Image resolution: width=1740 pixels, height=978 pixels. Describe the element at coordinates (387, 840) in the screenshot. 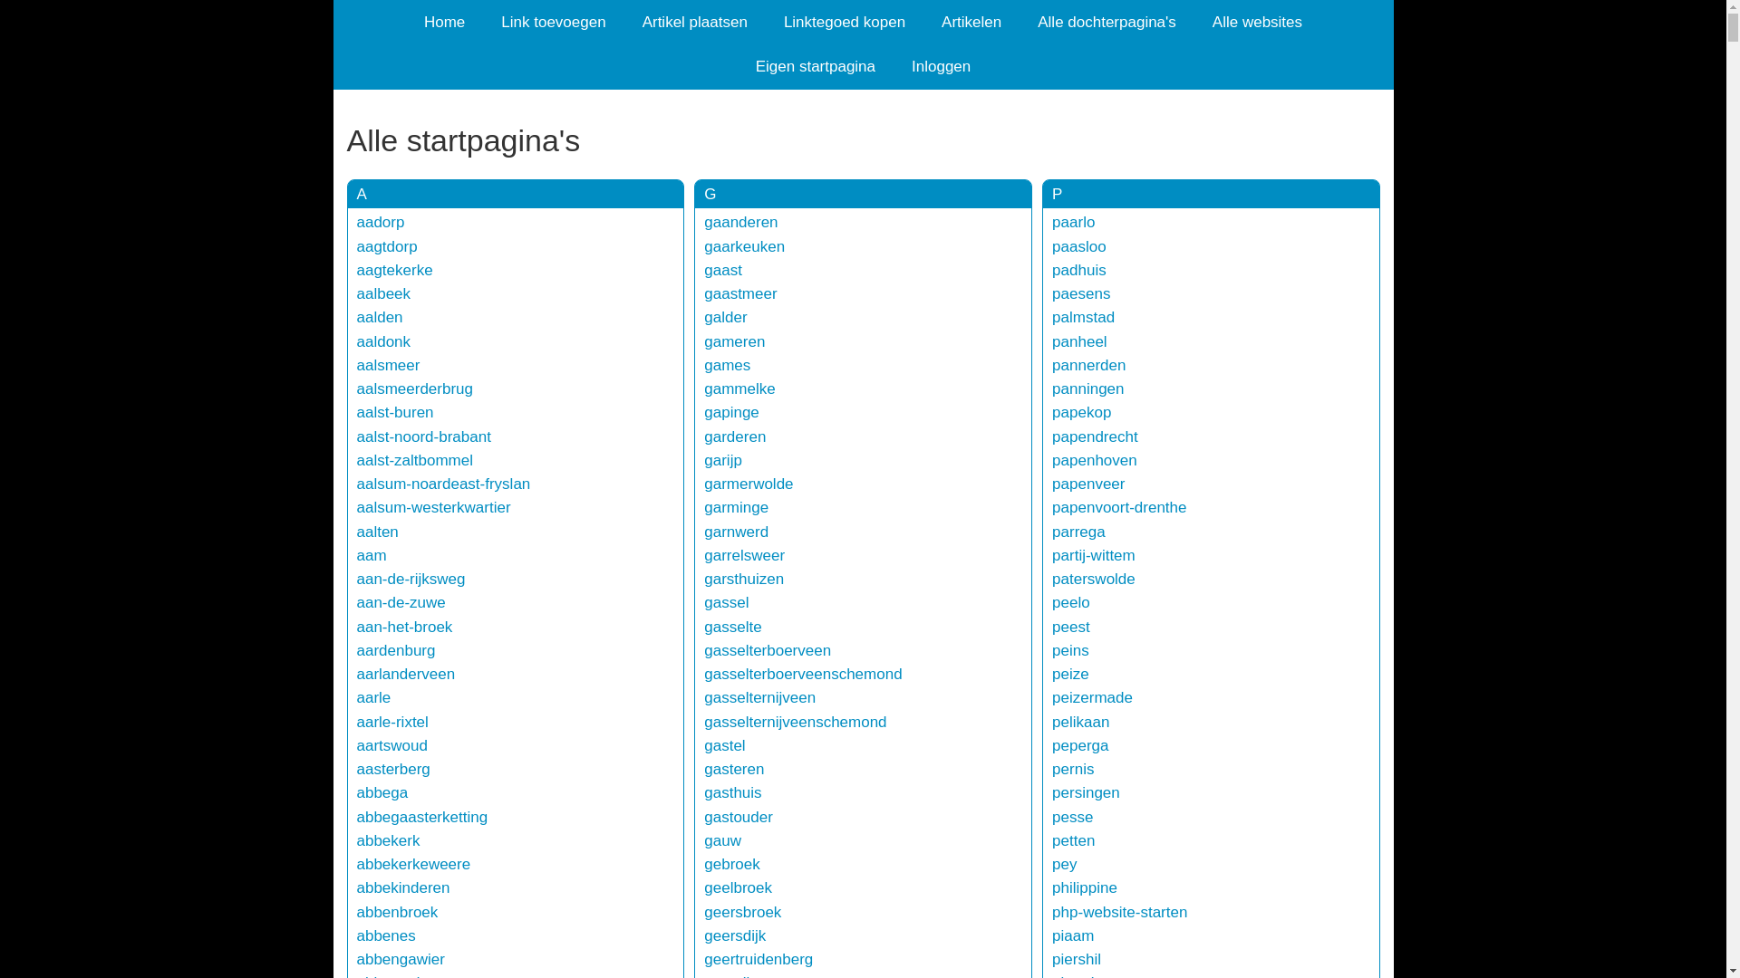

I see `'abbekerk'` at that location.